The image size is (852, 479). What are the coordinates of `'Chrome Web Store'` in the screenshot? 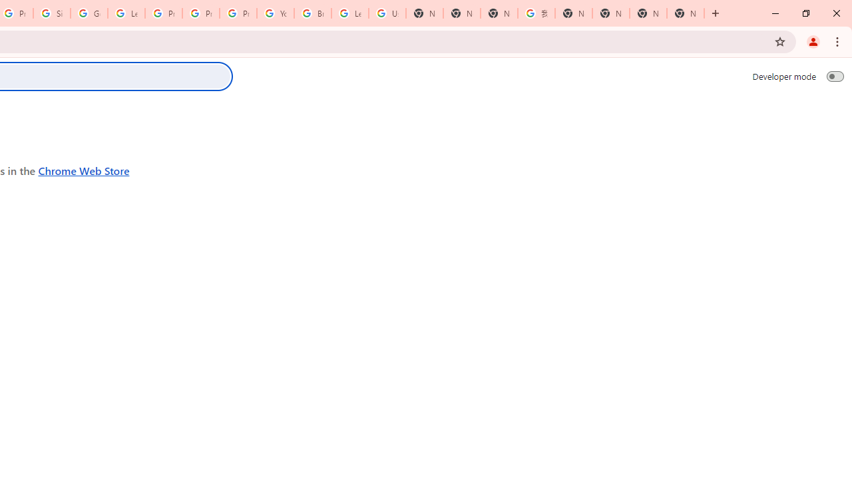 It's located at (83, 170).